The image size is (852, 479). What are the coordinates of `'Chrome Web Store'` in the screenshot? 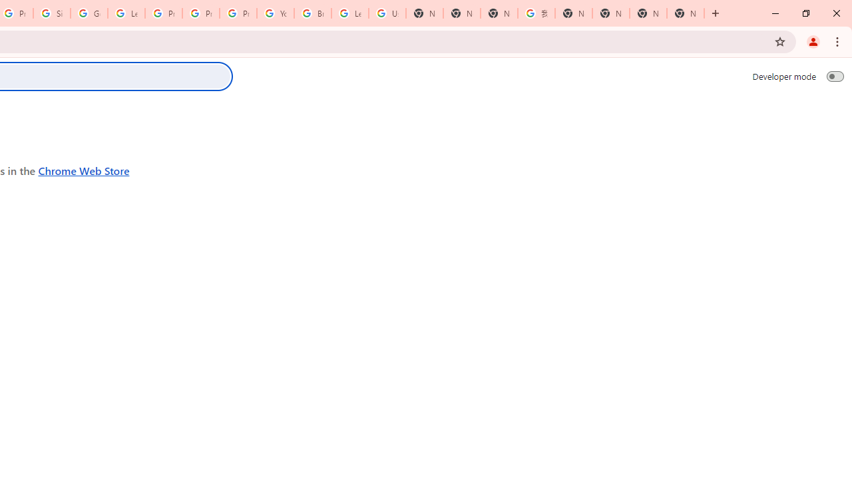 It's located at (83, 170).